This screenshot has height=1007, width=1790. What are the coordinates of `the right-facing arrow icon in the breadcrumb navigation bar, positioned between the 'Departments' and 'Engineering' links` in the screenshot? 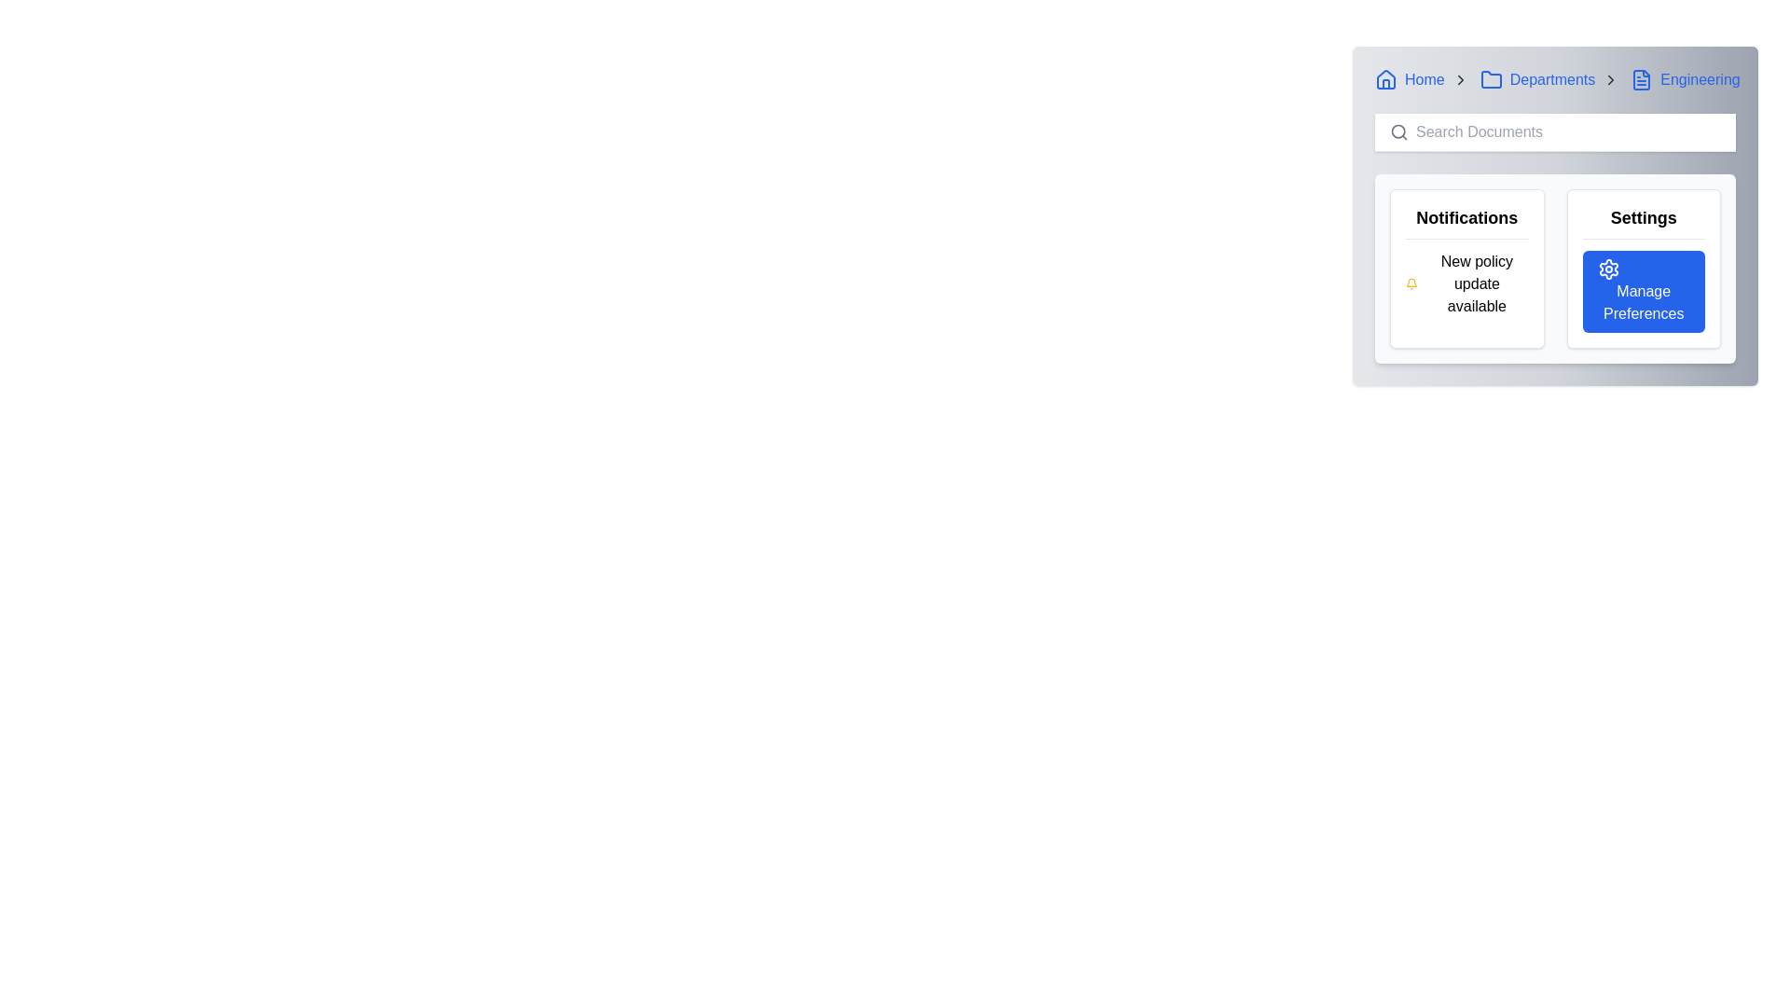 It's located at (1610, 78).